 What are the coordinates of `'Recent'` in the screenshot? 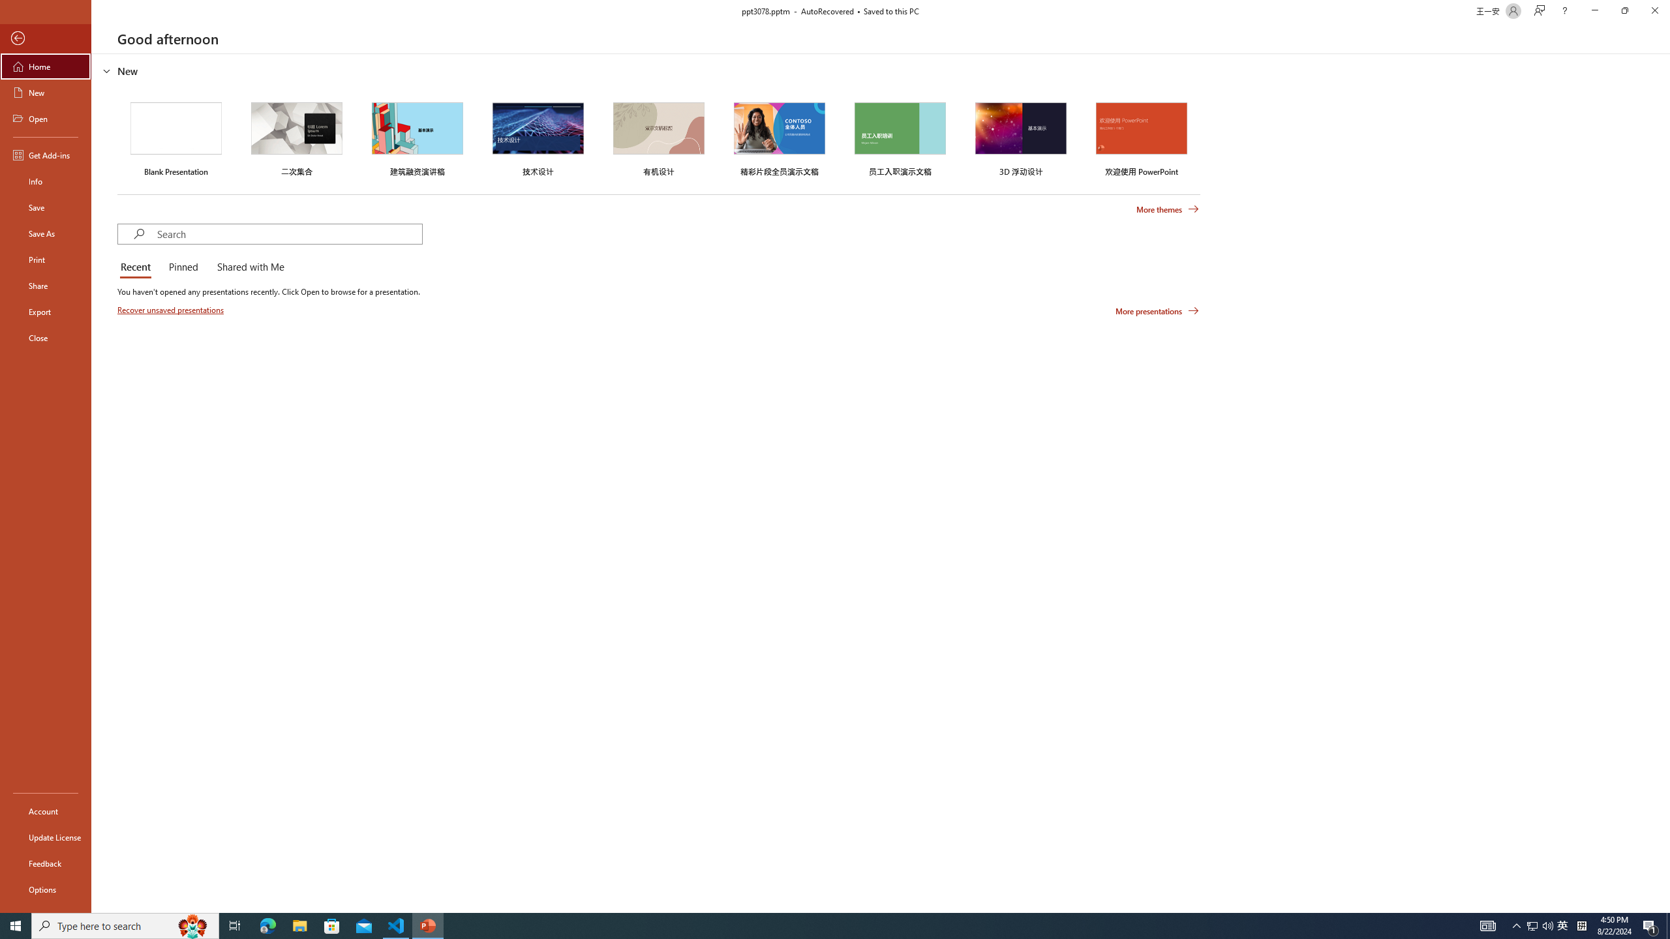 It's located at (138, 267).